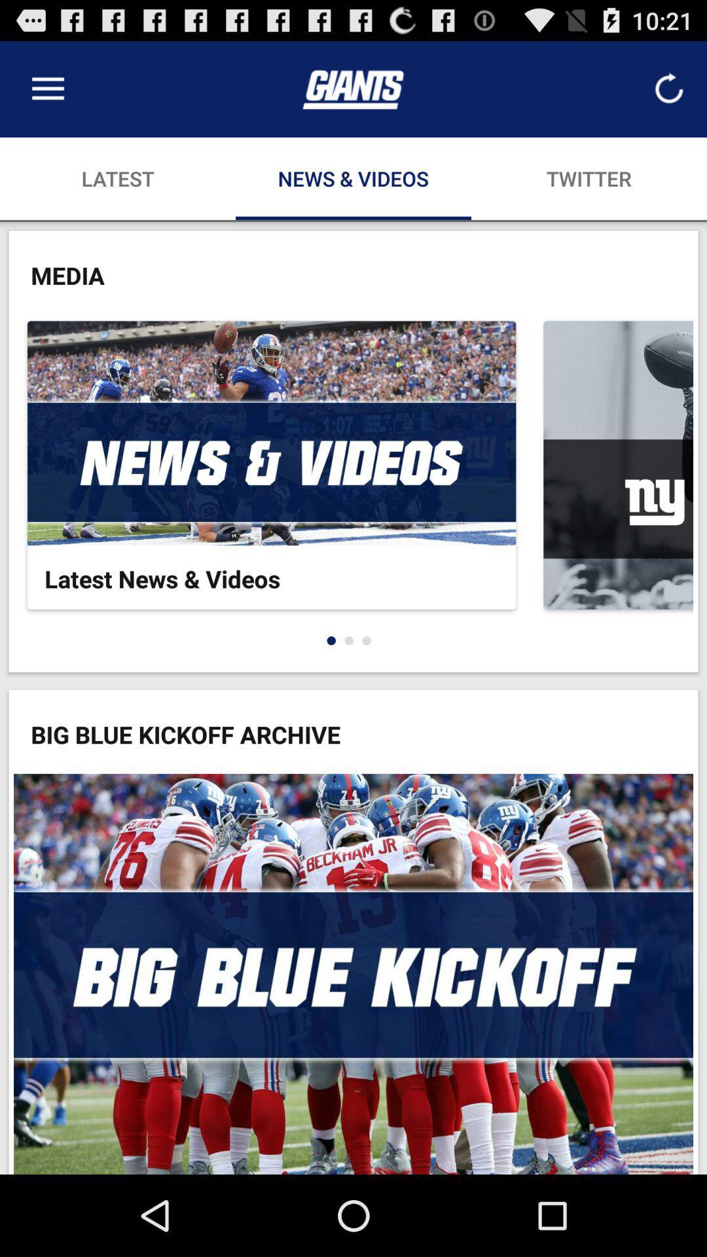  What do you see at coordinates (47, 88) in the screenshot?
I see `item above latest` at bounding box center [47, 88].